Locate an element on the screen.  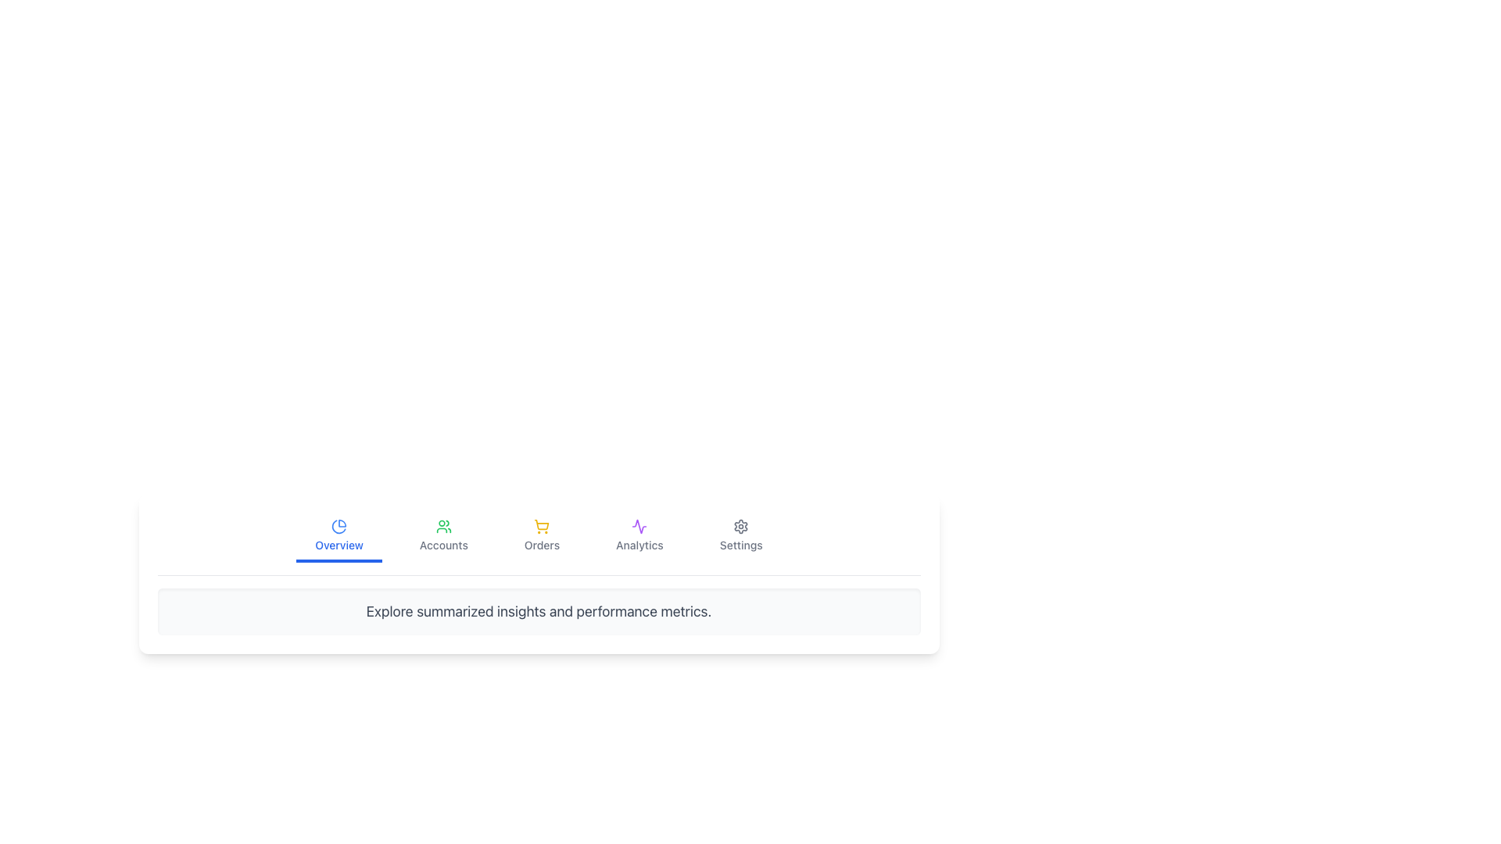
the 'Settings' text label, which is styled in gray and located below the gear icon in the bottom right corner of the interface is located at coordinates (740, 545).